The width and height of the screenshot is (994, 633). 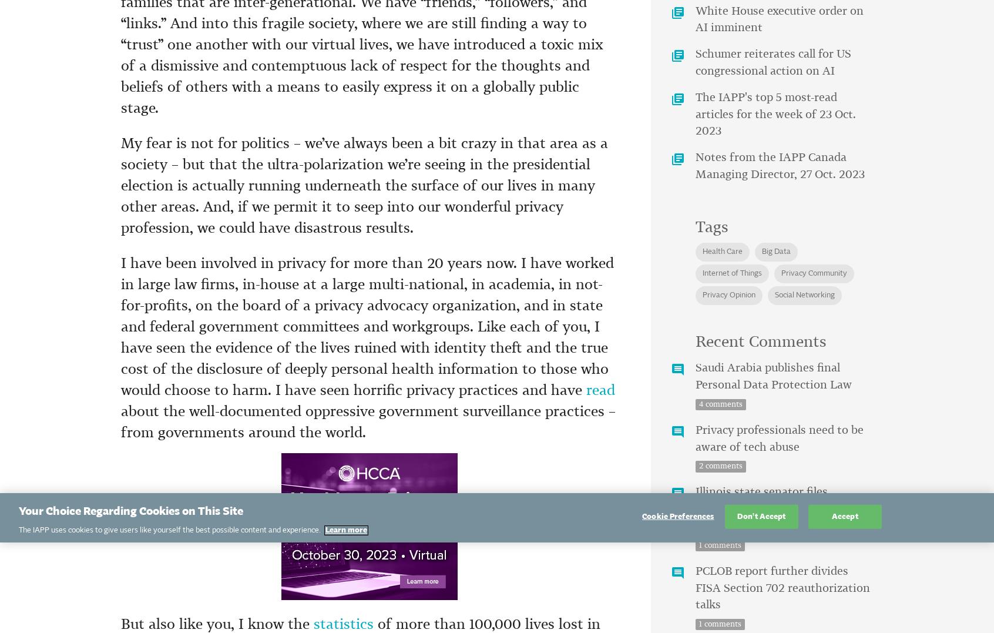 I want to click on 'Saudi Arabia publishes final Personal Data Protection Law', so click(x=773, y=376).